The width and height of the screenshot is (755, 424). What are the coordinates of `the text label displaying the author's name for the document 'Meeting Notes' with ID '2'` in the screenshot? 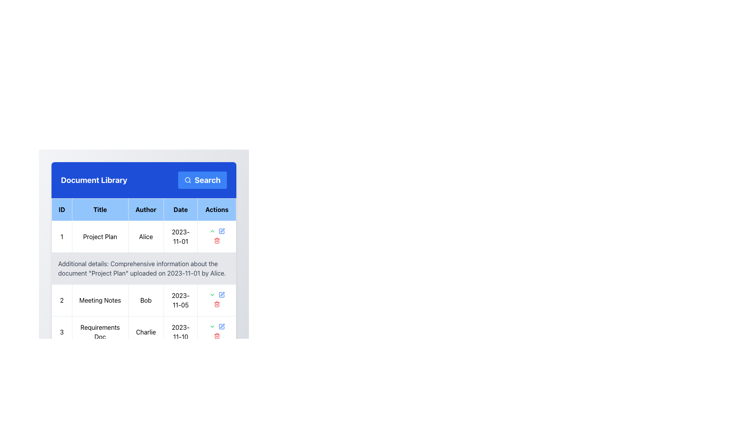 It's located at (144, 300).